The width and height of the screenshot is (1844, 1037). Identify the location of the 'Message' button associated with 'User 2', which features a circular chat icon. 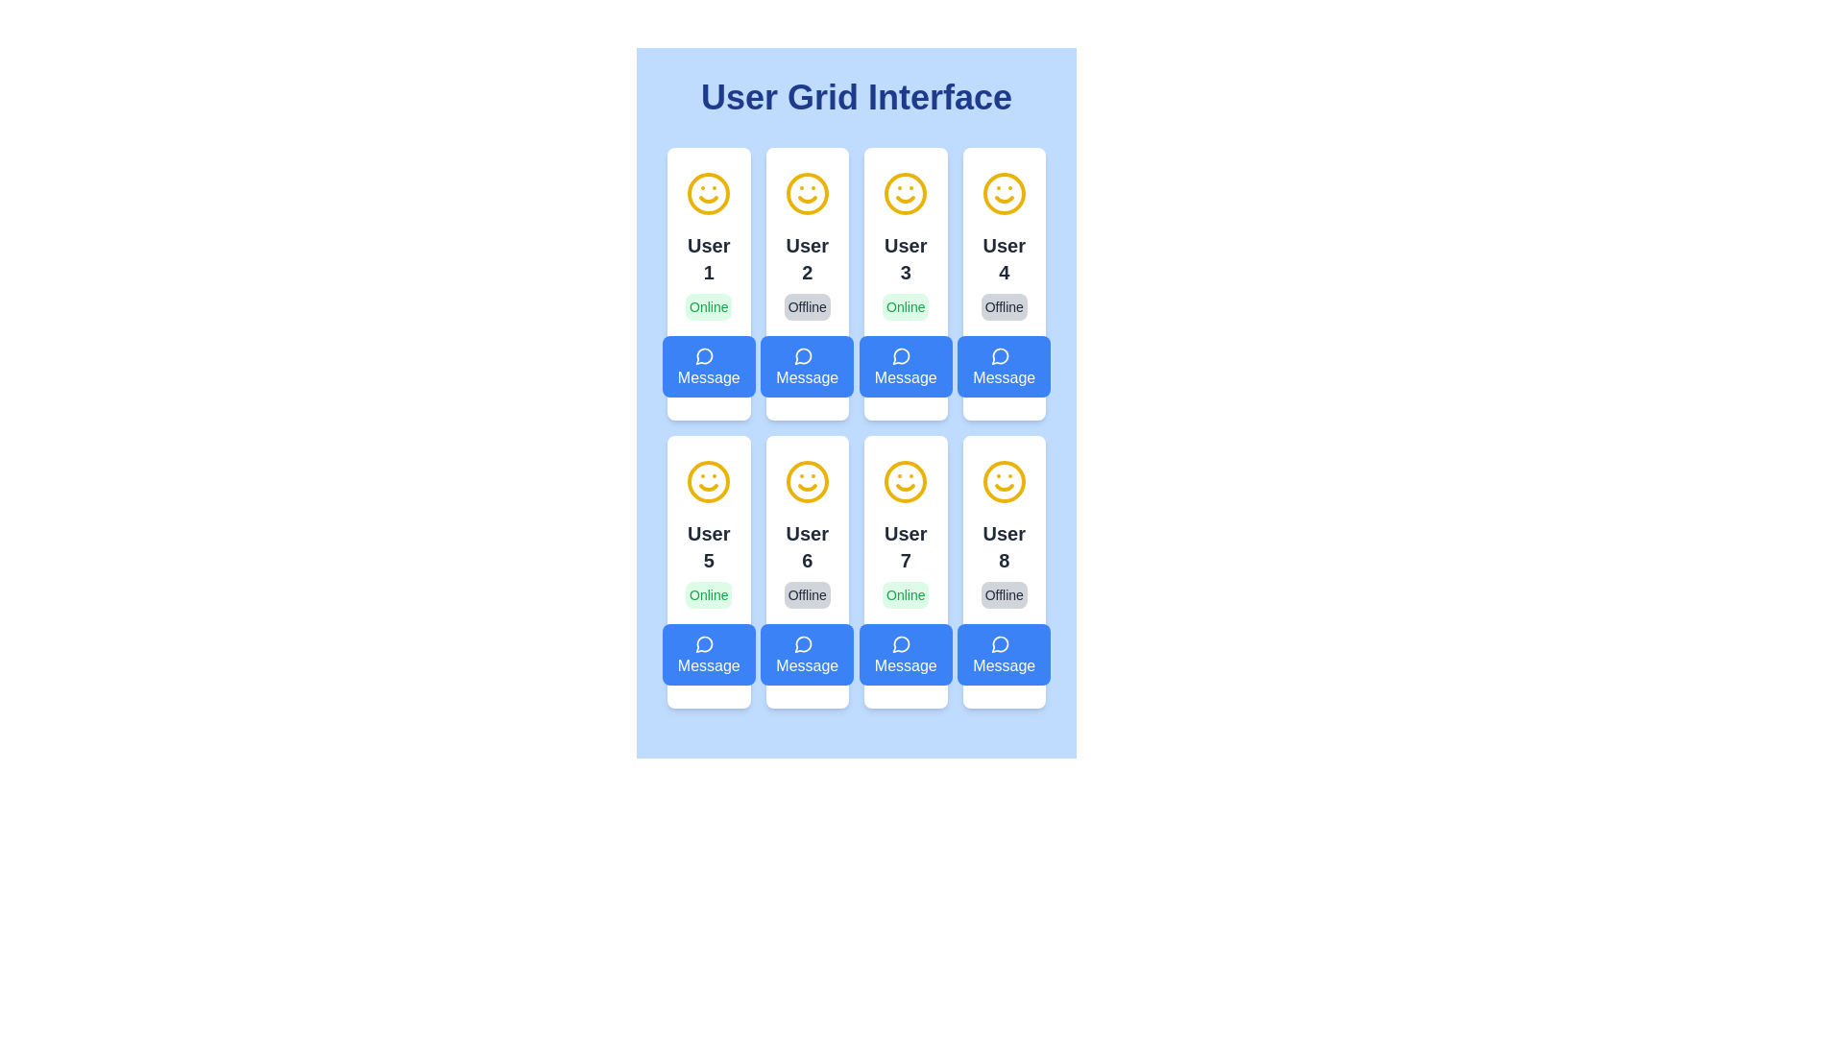
(803, 356).